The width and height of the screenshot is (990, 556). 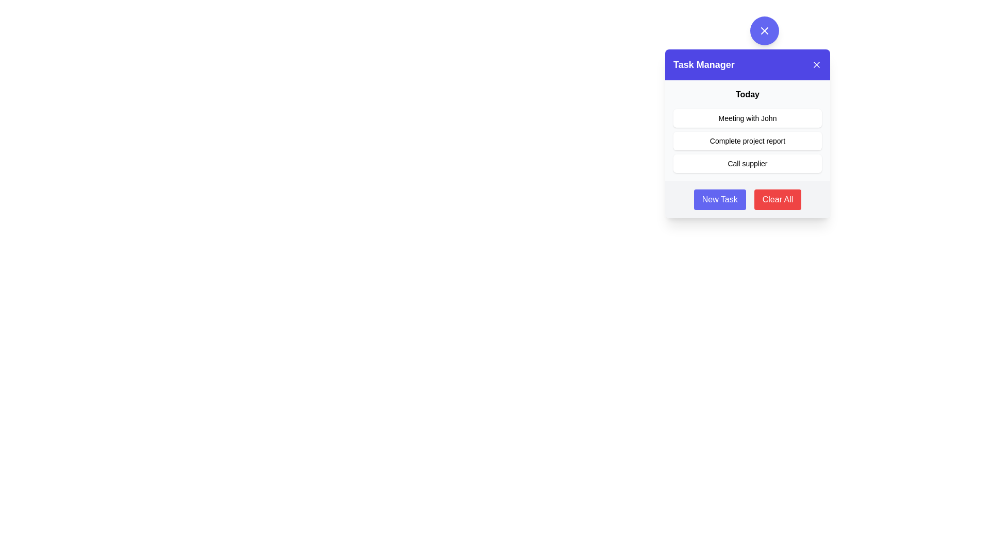 What do you see at coordinates (747, 163) in the screenshot?
I see `the third text label in the 'Task Manager' dialog box that represents a task in a to-do list, positioned between 'Complete project report' and the buttons 'New Task' and 'Clear All'` at bounding box center [747, 163].